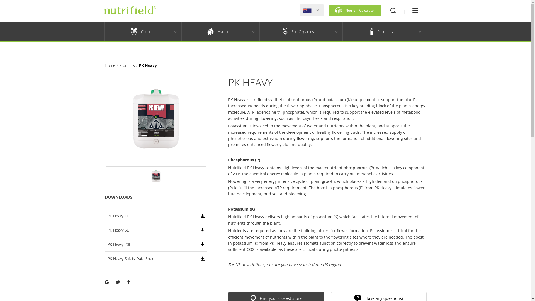  Describe the element at coordinates (107, 259) in the screenshot. I see `'PK Heavy Safety Data Sheet'` at that location.